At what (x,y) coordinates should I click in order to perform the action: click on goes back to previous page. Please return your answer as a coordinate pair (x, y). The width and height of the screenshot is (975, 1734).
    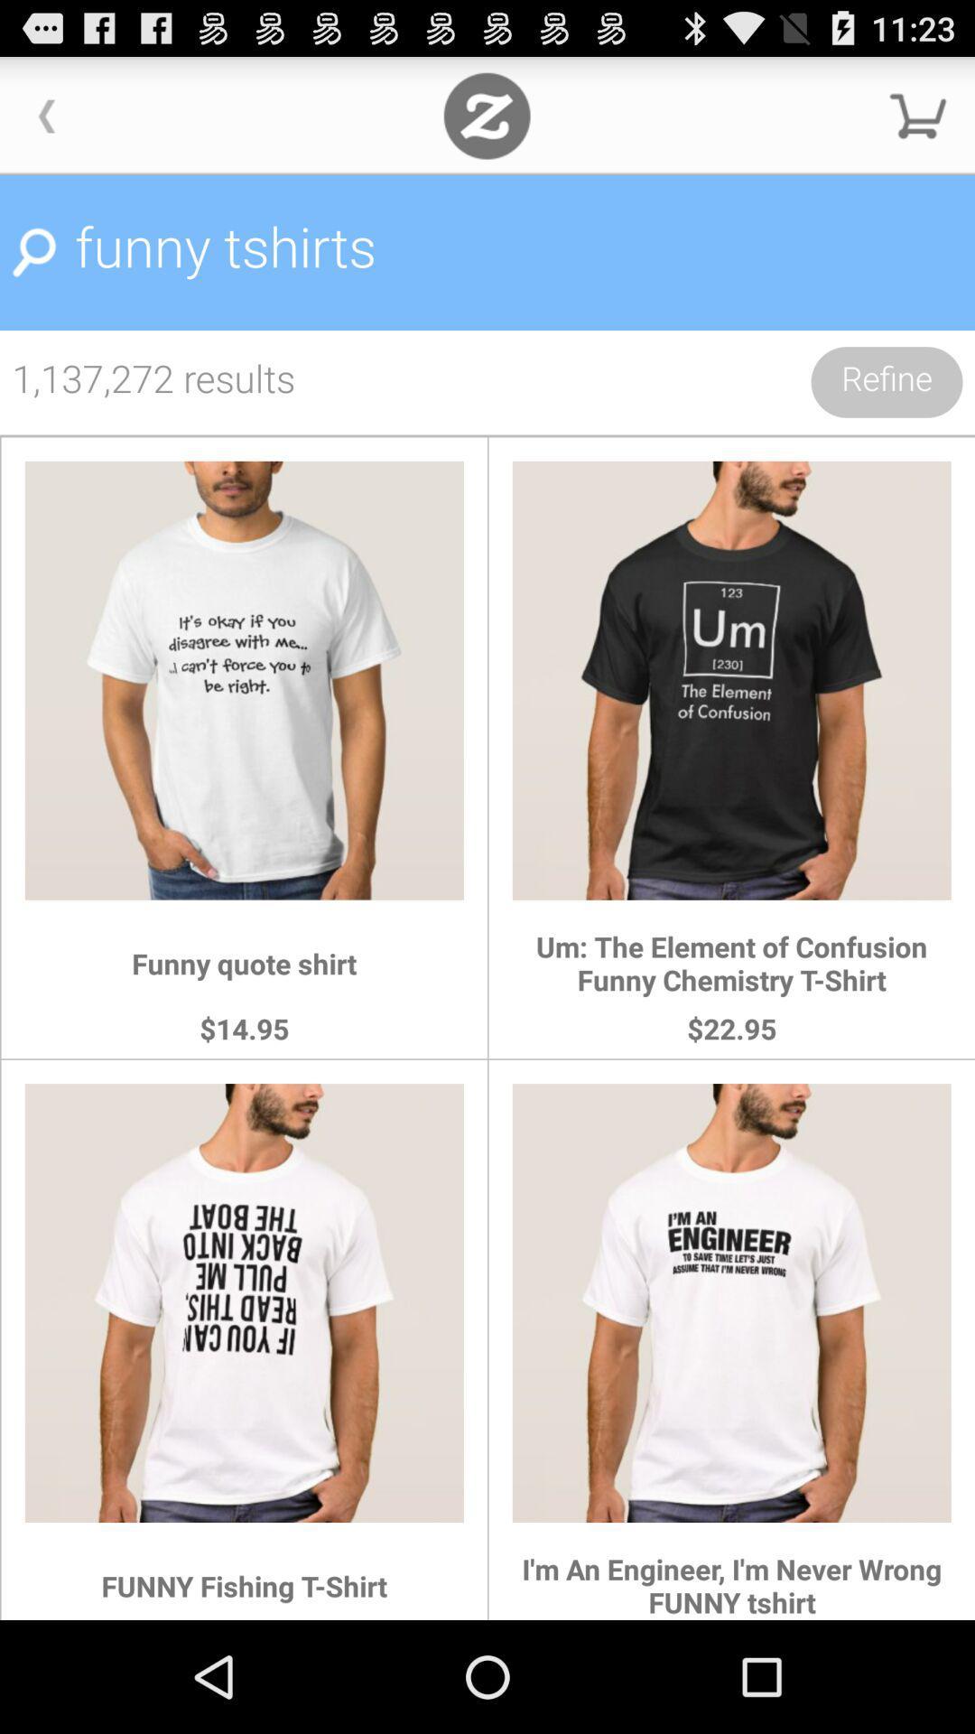
    Looking at the image, I should click on (46, 115).